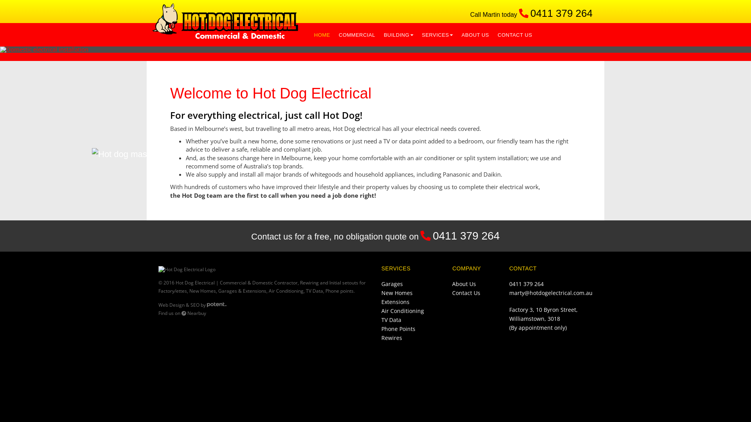 This screenshot has width=751, height=422. Describe the element at coordinates (322, 34) in the screenshot. I see `'HOME'` at that location.